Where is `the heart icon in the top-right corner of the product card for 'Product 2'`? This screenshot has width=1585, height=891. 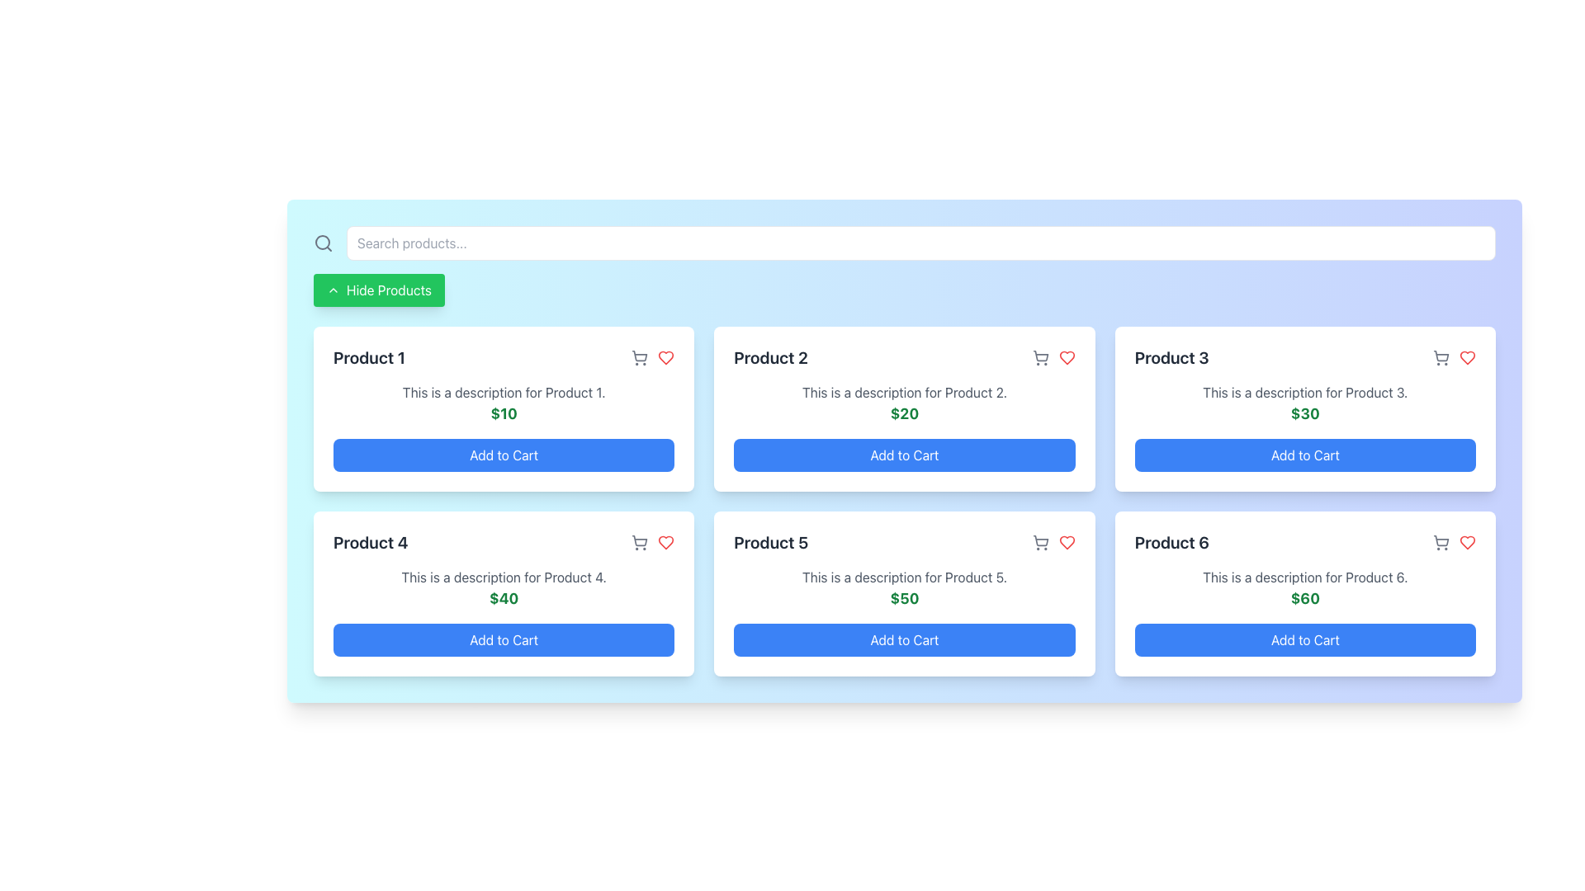
the heart icon in the top-right corner of the product card for 'Product 2' is located at coordinates (1067, 357).